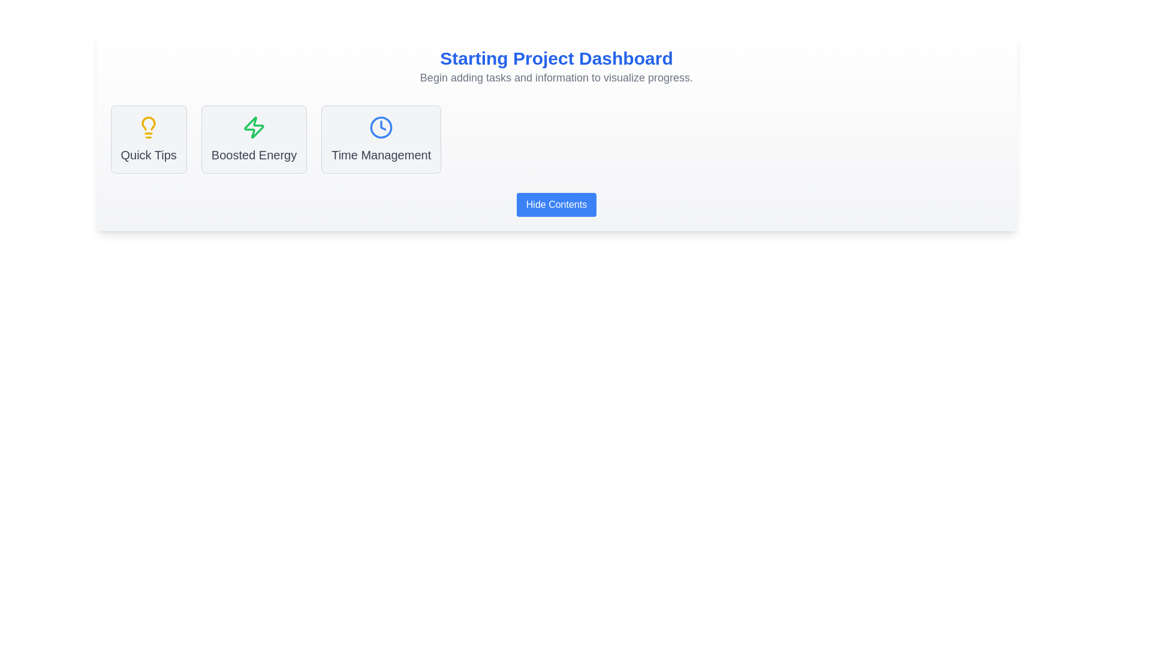 This screenshot has height=647, width=1151. I want to click on the blue triangular clock hand located within the clock icon in the 'Time Management' card, which is the third card from the left, so click(382, 125).